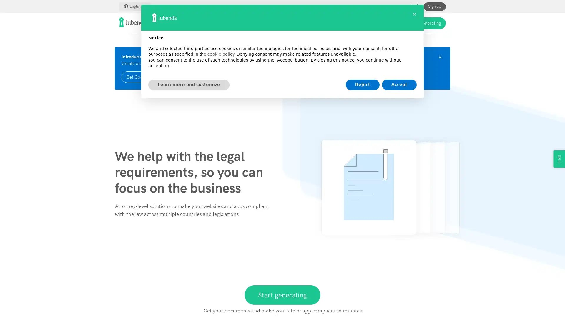 This screenshot has height=318, width=565. Describe the element at coordinates (399, 84) in the screenshot. I see `Accept` at that location.